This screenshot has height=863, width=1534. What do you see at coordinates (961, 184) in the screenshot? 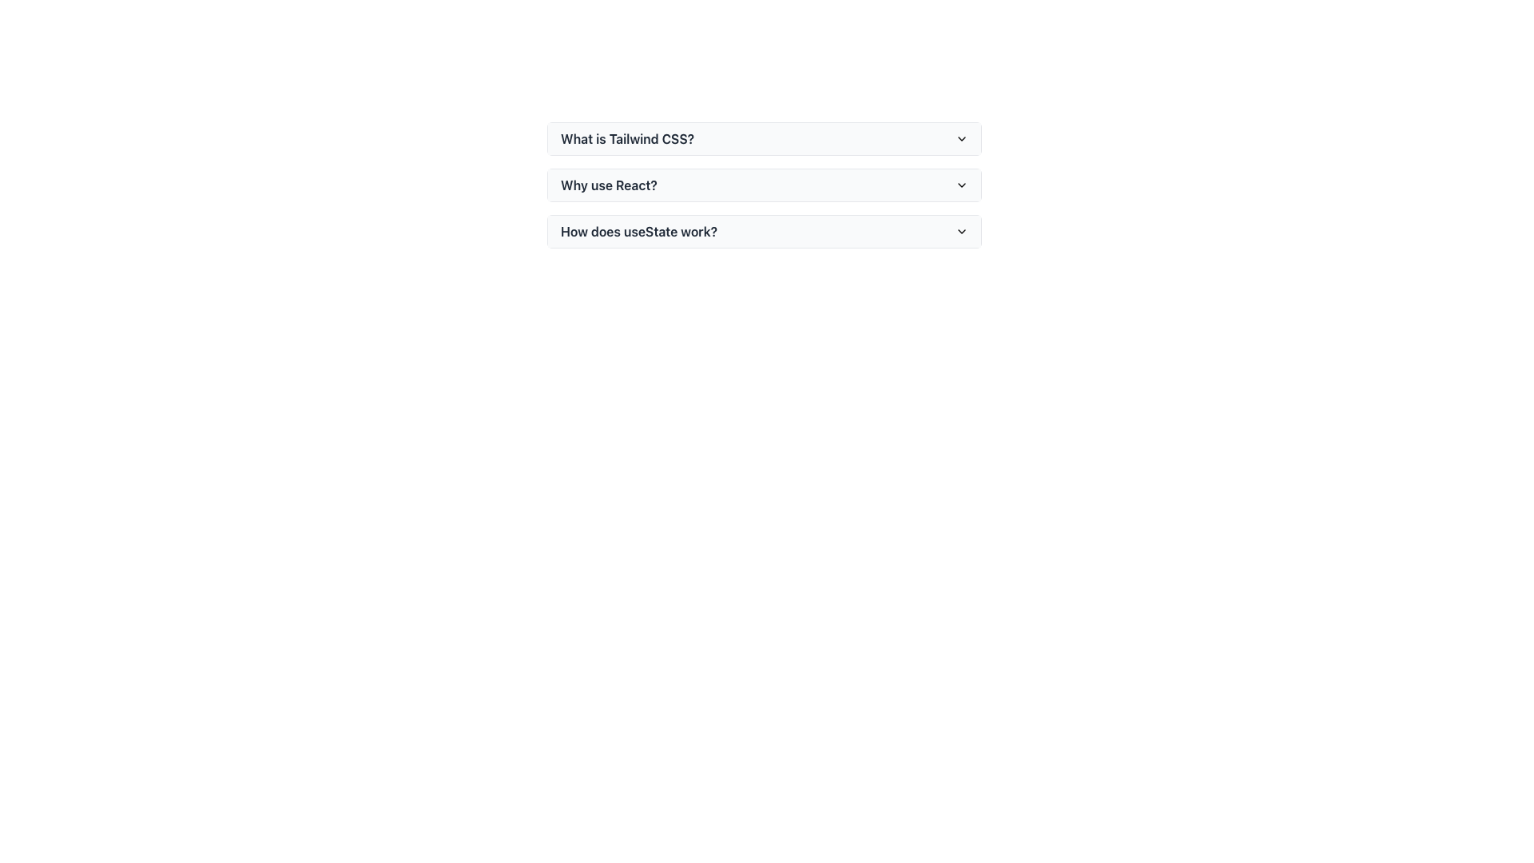
I see `the small chevron-down icon located to the right of the text 'Why use React?' in the list item styled as a button` at bounding box center [961, 184].